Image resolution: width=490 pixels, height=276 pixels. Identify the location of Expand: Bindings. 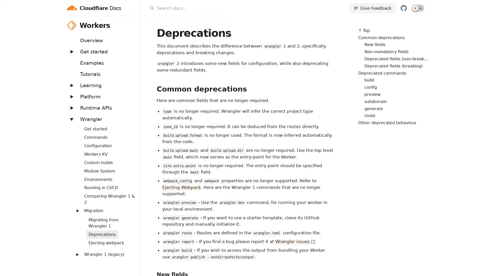
(74, 114).